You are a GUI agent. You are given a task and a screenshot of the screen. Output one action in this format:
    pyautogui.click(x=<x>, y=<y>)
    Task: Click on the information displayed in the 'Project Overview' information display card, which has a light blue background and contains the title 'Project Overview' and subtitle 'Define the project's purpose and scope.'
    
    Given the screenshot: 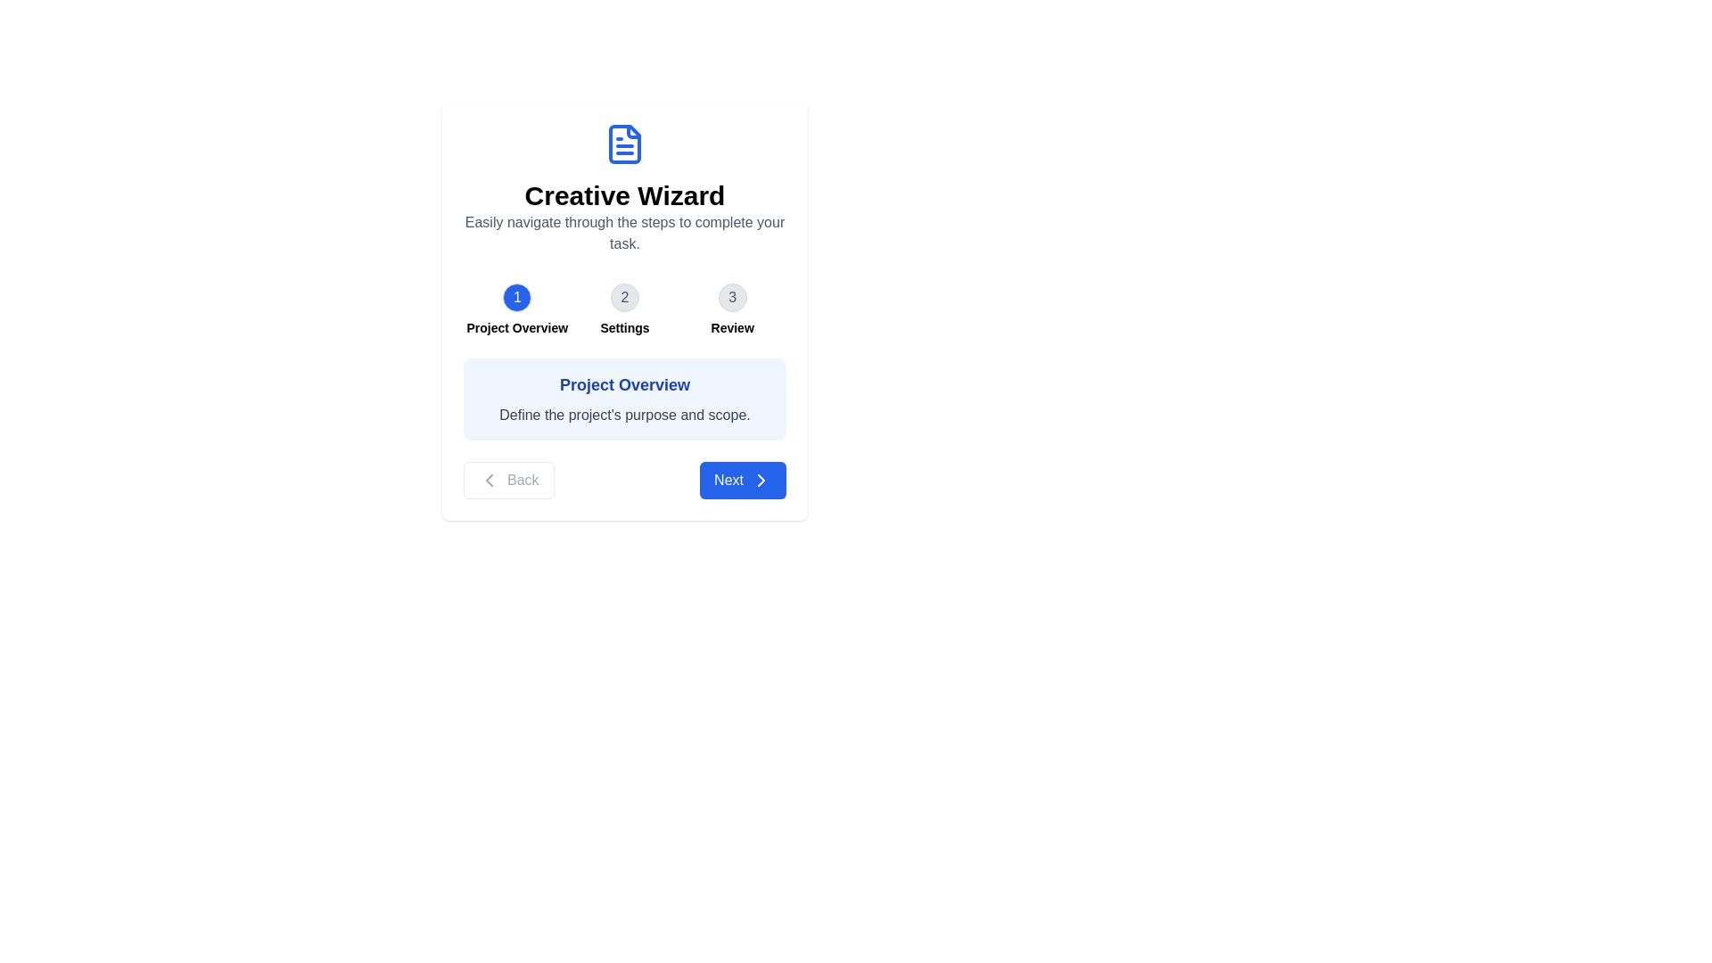 What is the action you would take?
    pyautogui.click(x=624, y=398)
    